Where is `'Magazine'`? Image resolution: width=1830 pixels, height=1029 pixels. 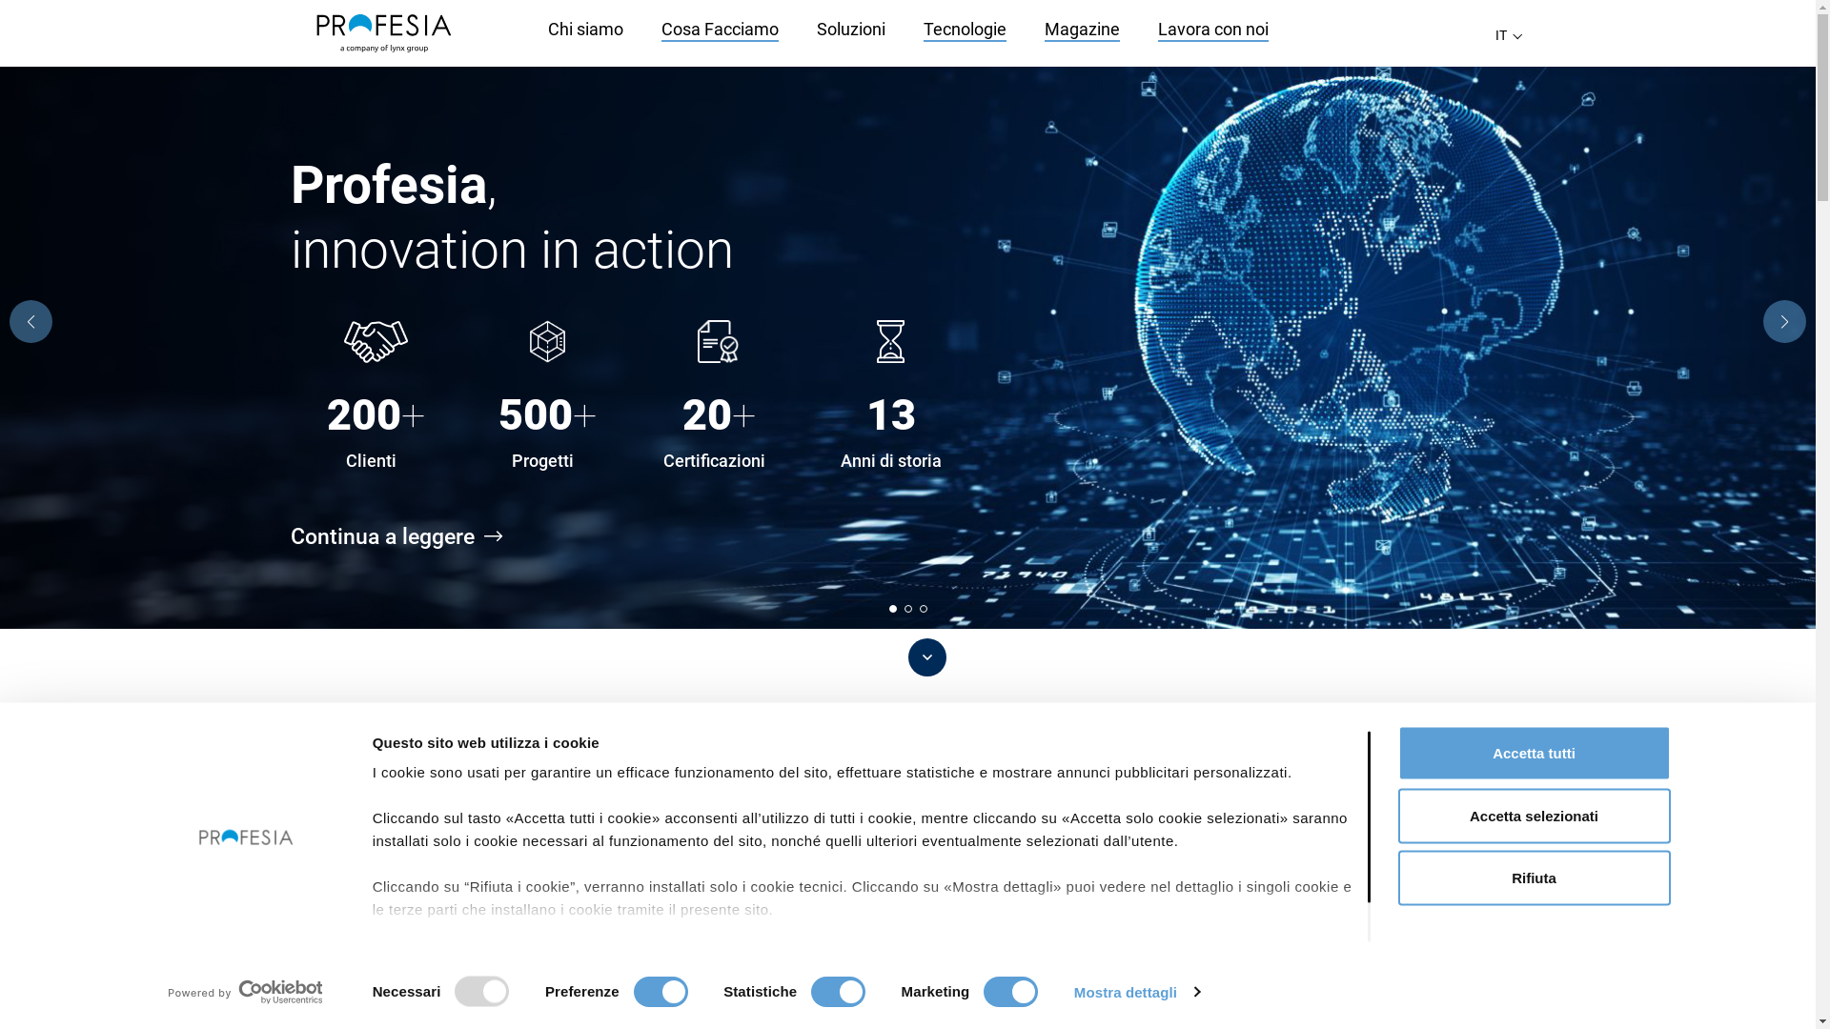 'Magazine' is located at coordinates (1082, 30).